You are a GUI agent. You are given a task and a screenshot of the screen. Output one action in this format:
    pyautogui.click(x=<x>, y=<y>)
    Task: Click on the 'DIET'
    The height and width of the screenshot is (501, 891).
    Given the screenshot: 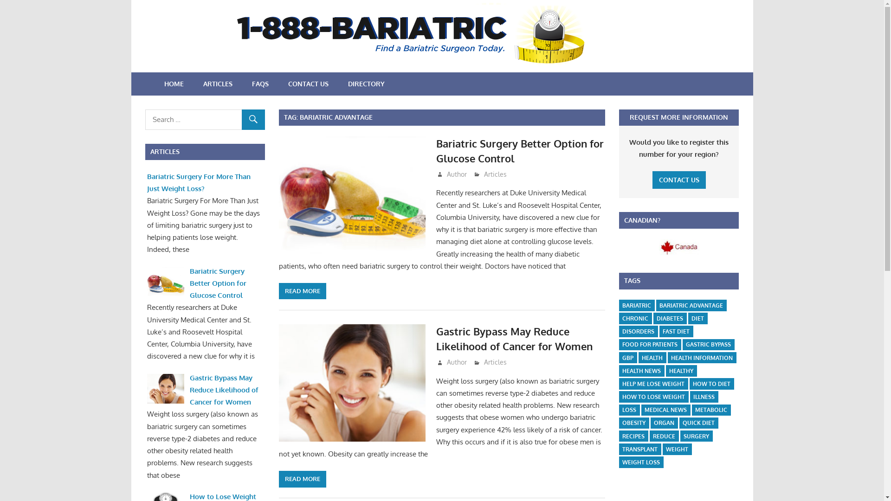 What is the action you would take?
    pyautogui.click(x=697, y=318)
    